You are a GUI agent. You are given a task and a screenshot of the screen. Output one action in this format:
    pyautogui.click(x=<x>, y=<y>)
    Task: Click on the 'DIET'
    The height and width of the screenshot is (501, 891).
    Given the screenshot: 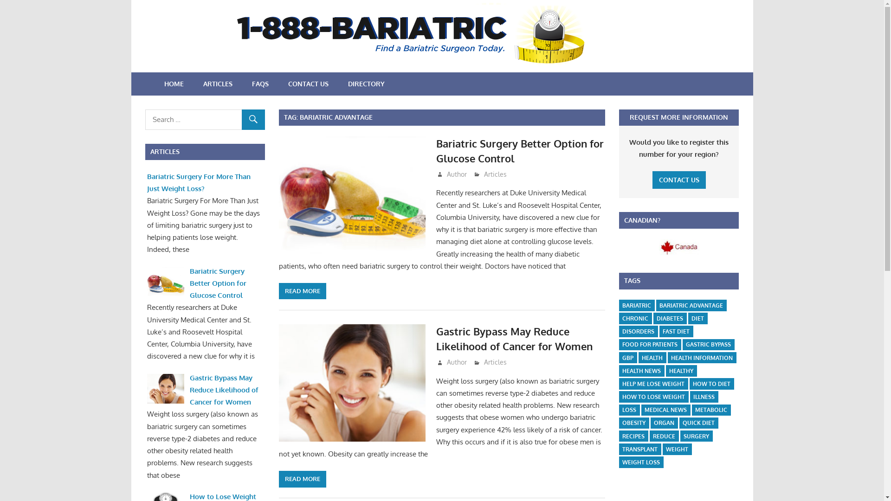 What is the action you would take?
    pyautogui.click(x=697, y=318)
    